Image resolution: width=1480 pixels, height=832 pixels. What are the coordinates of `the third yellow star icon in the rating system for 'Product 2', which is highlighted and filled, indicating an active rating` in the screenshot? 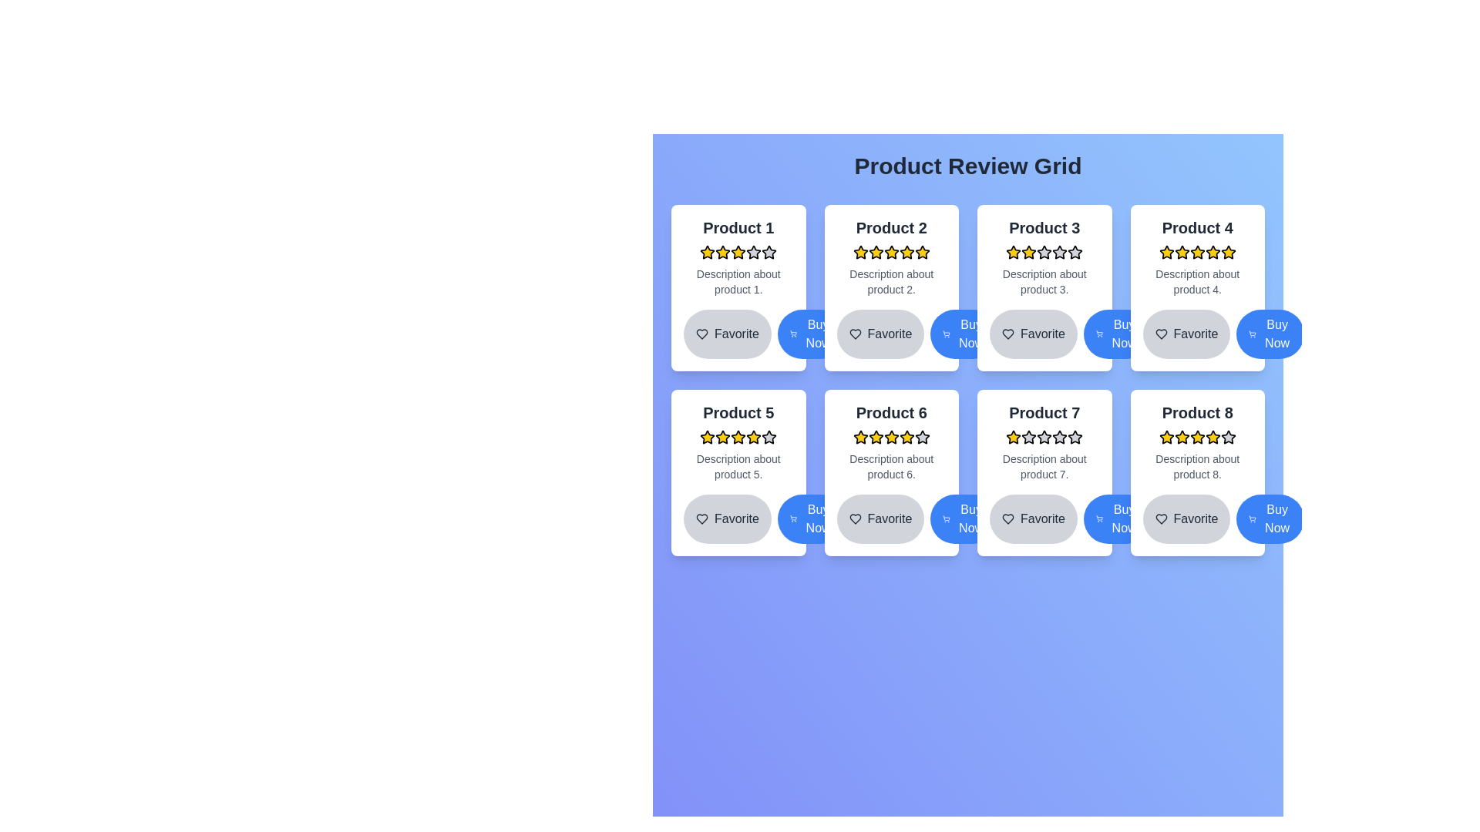 It's located at (922, 251).